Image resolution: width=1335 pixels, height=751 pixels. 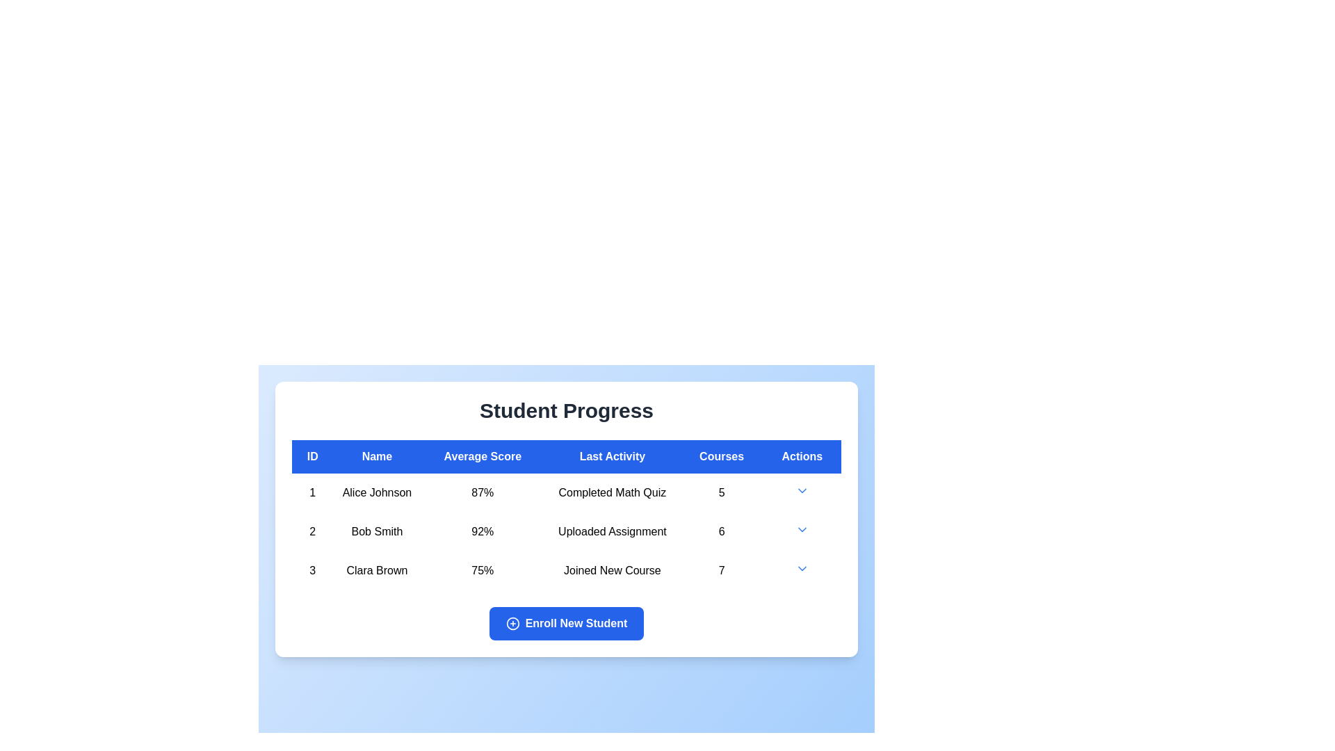 I want to click on the Dropdown trigger icon in the 'Actions' column of the second row, aligned with 'Bob Smith', so click(x=802, y=529).